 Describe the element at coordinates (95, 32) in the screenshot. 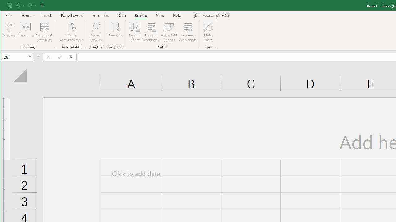

I see `'Smart Lookup'` at that location.